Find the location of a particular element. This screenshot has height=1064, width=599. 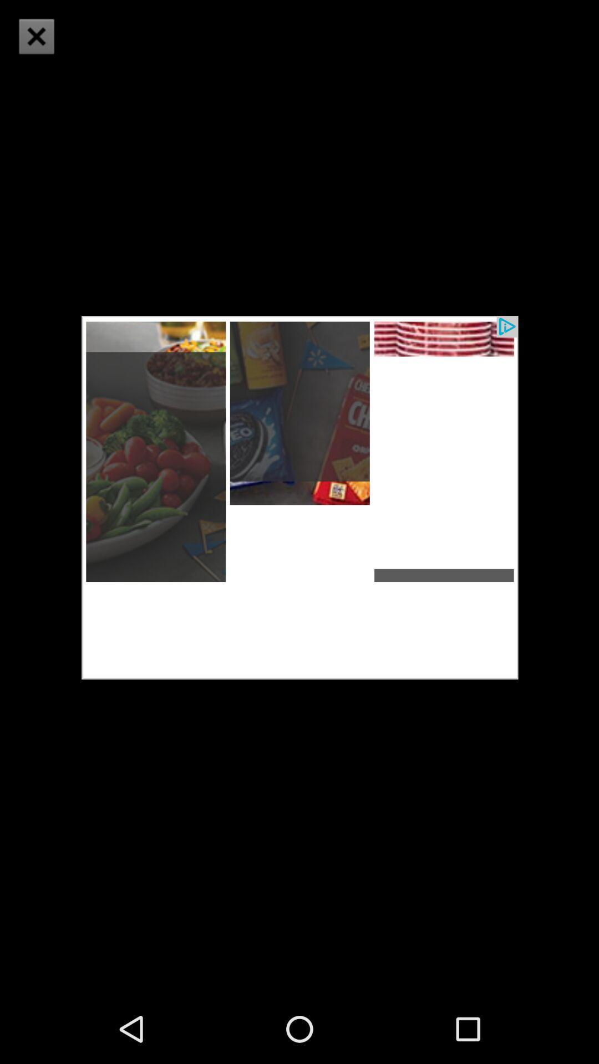

the close icon is located at coordinates (35, 36).